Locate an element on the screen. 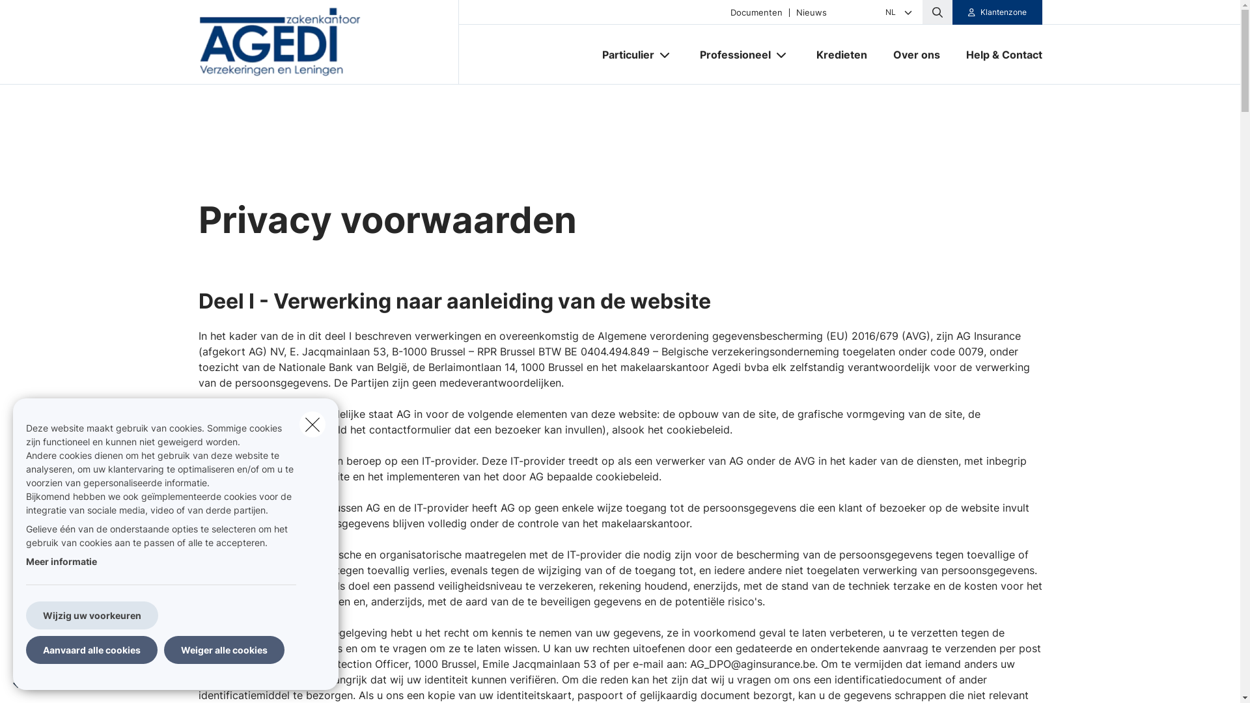 The width and height of the screenshot is (1250, 703). 'Particulier' is located at coordinates (622, 54).